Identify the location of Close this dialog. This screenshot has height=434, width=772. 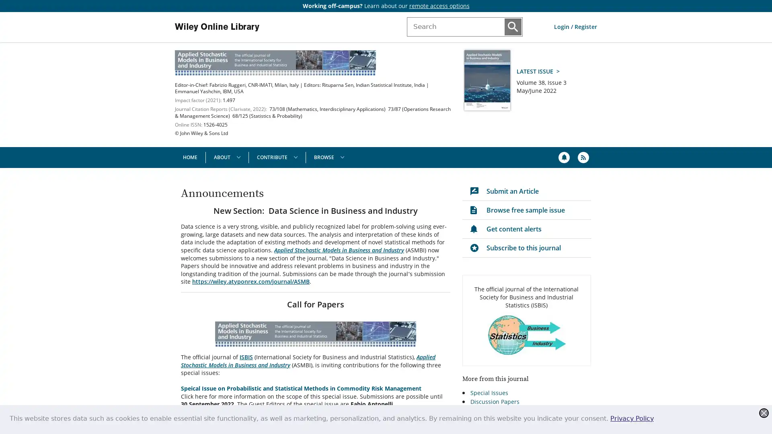
(764, 413).